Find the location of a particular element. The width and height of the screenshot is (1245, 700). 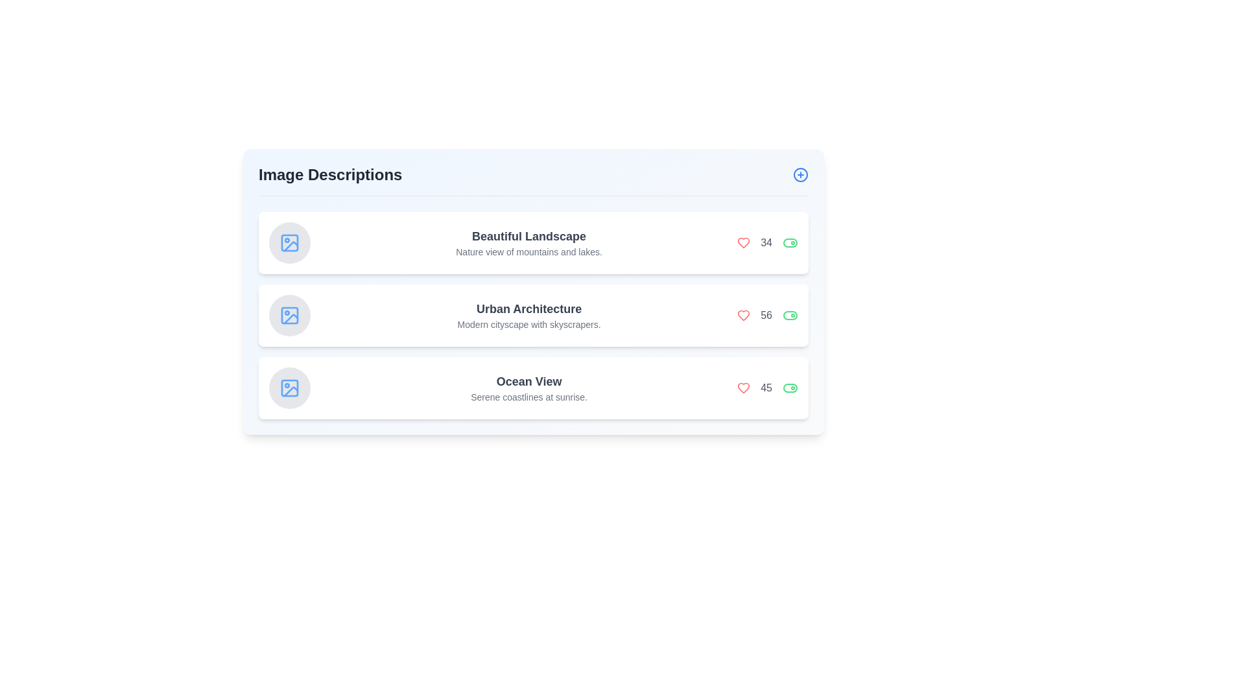

toggle icon for the item labeled 'Urban Architecture' to toggle its state is located at coordinates (790, 315).